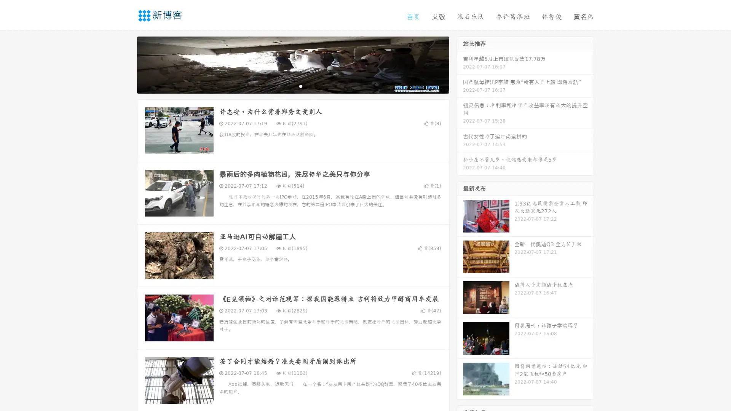 The image size is (731, 411). Describe the element at coordinates (460, 64) in the screenshot. I see `Next slide` at that location.